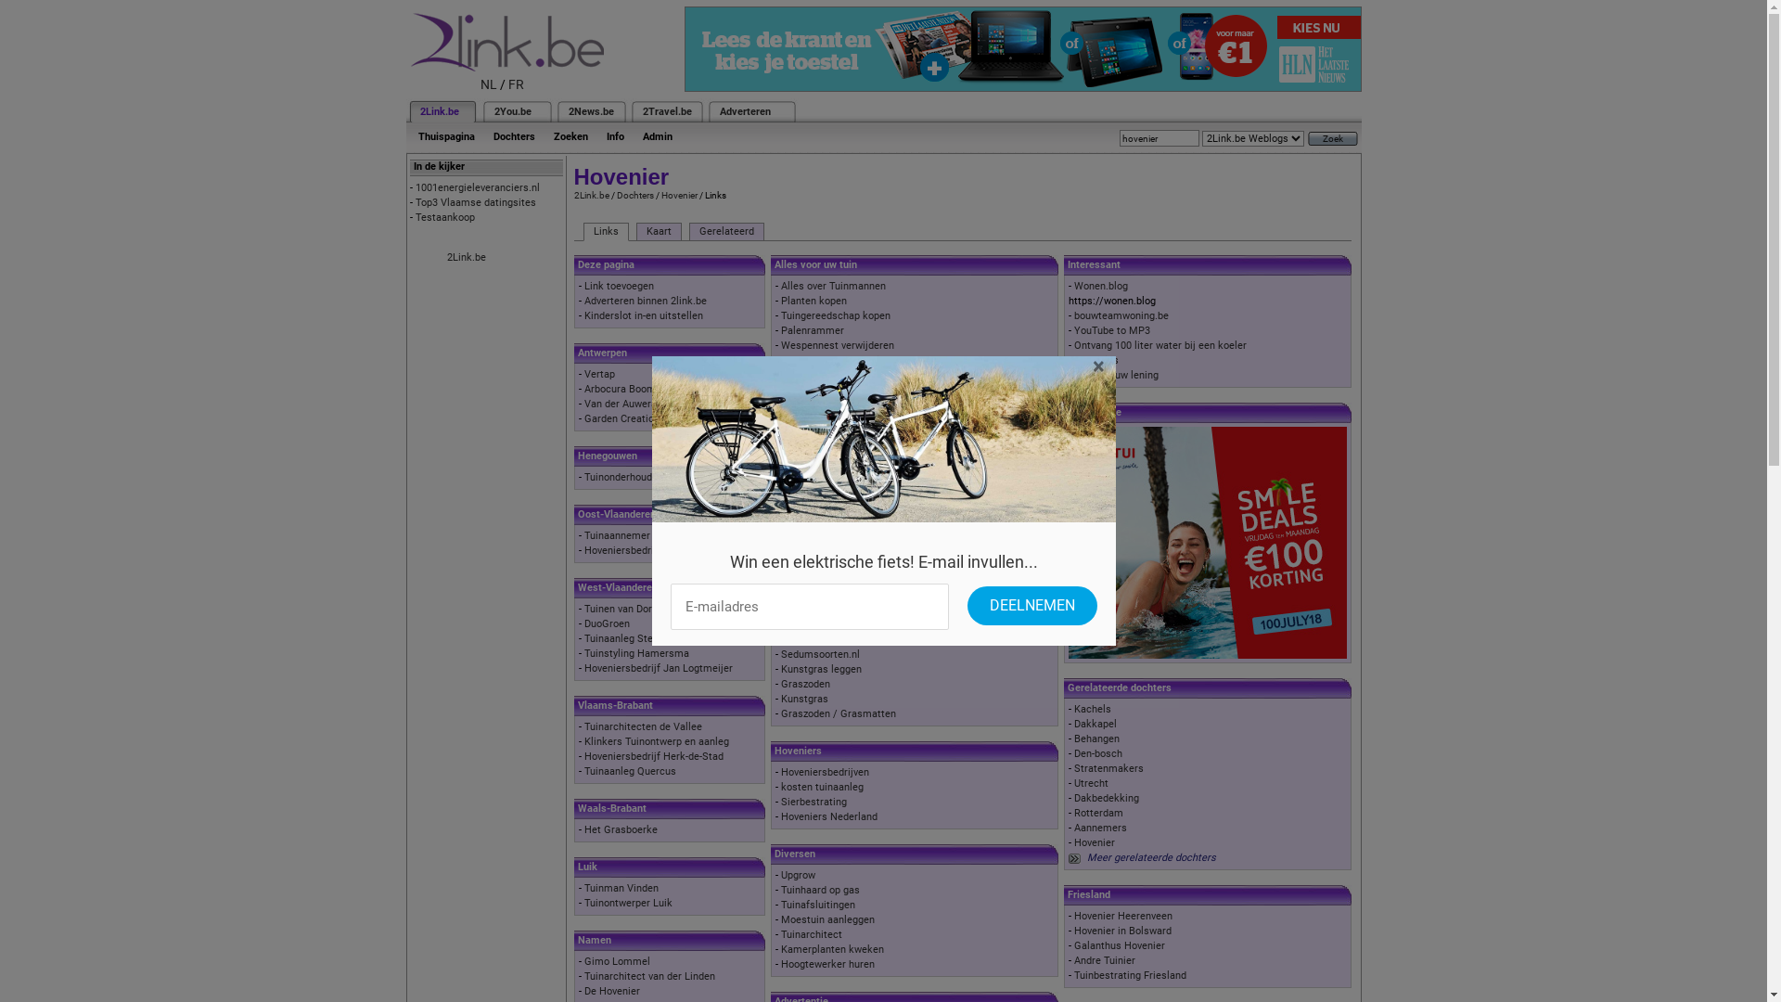  Describe the element at coordinates (583, 418) in the screenshot. I see `'Garden Creation BVBA'` at that location.